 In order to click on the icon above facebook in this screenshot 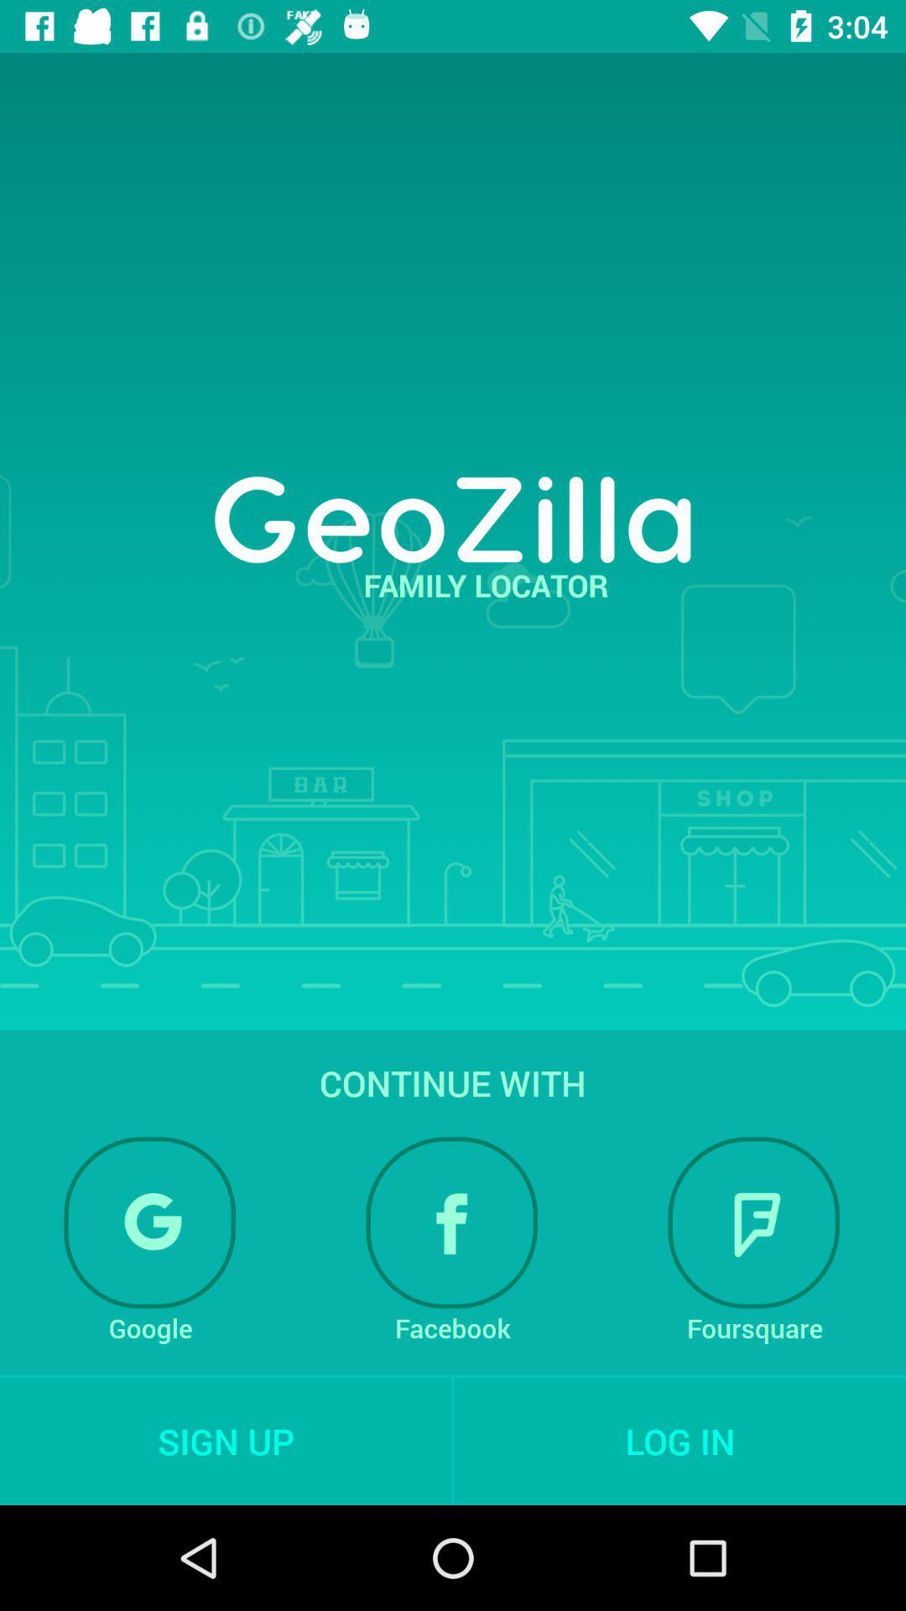, I will do `click(451, 1223)`.